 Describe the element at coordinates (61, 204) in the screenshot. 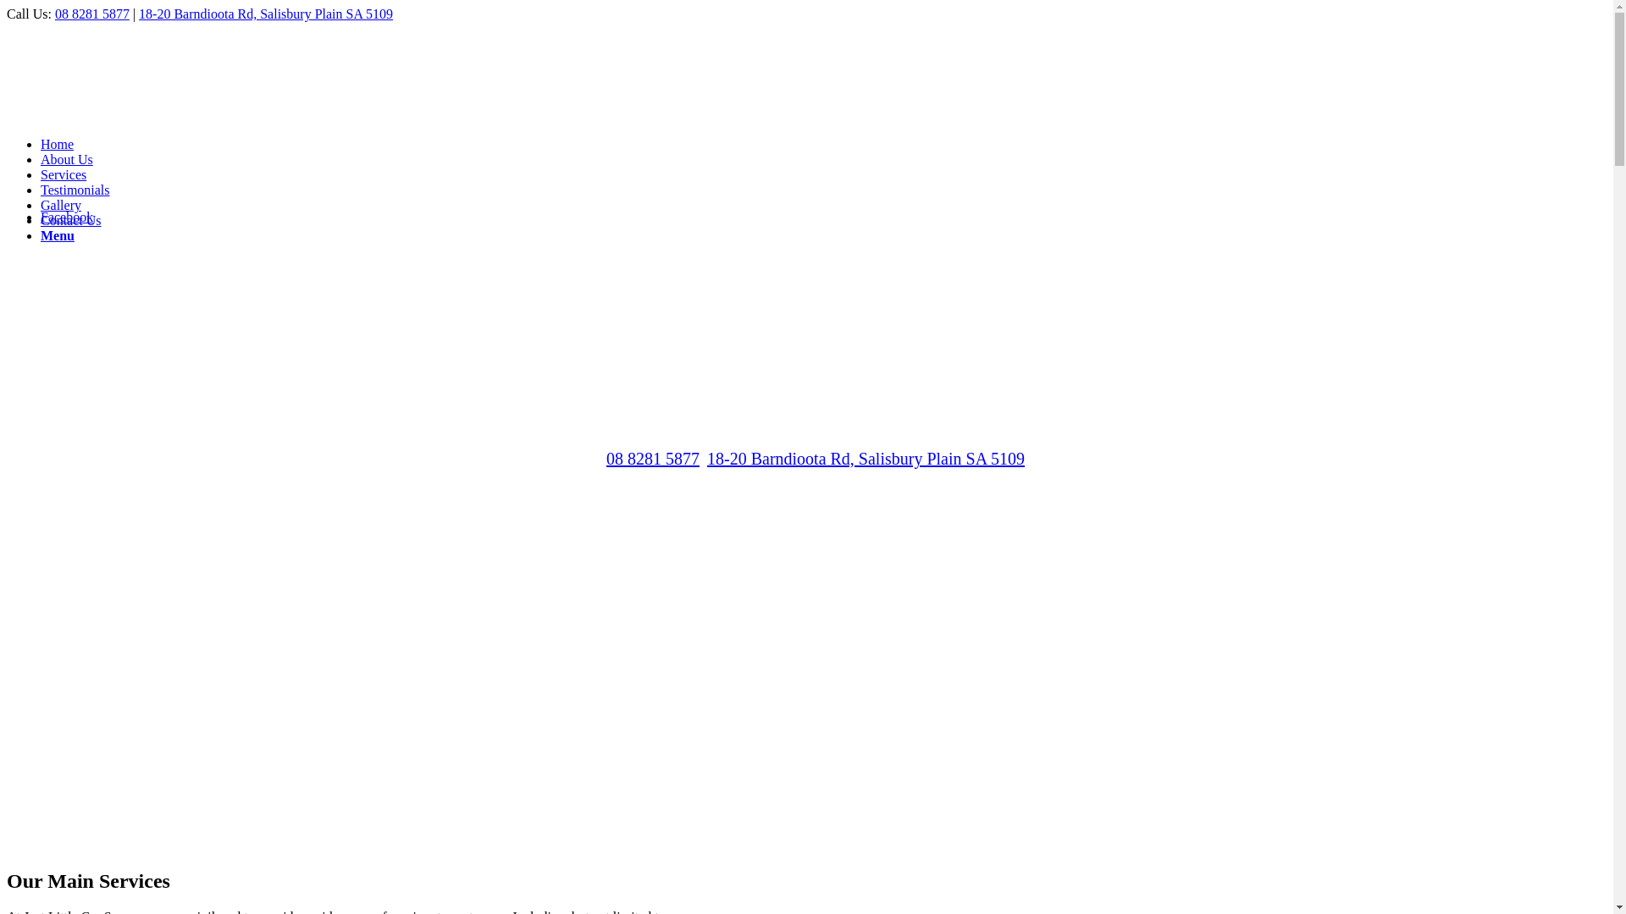

I see `'Gallery'` at that location.